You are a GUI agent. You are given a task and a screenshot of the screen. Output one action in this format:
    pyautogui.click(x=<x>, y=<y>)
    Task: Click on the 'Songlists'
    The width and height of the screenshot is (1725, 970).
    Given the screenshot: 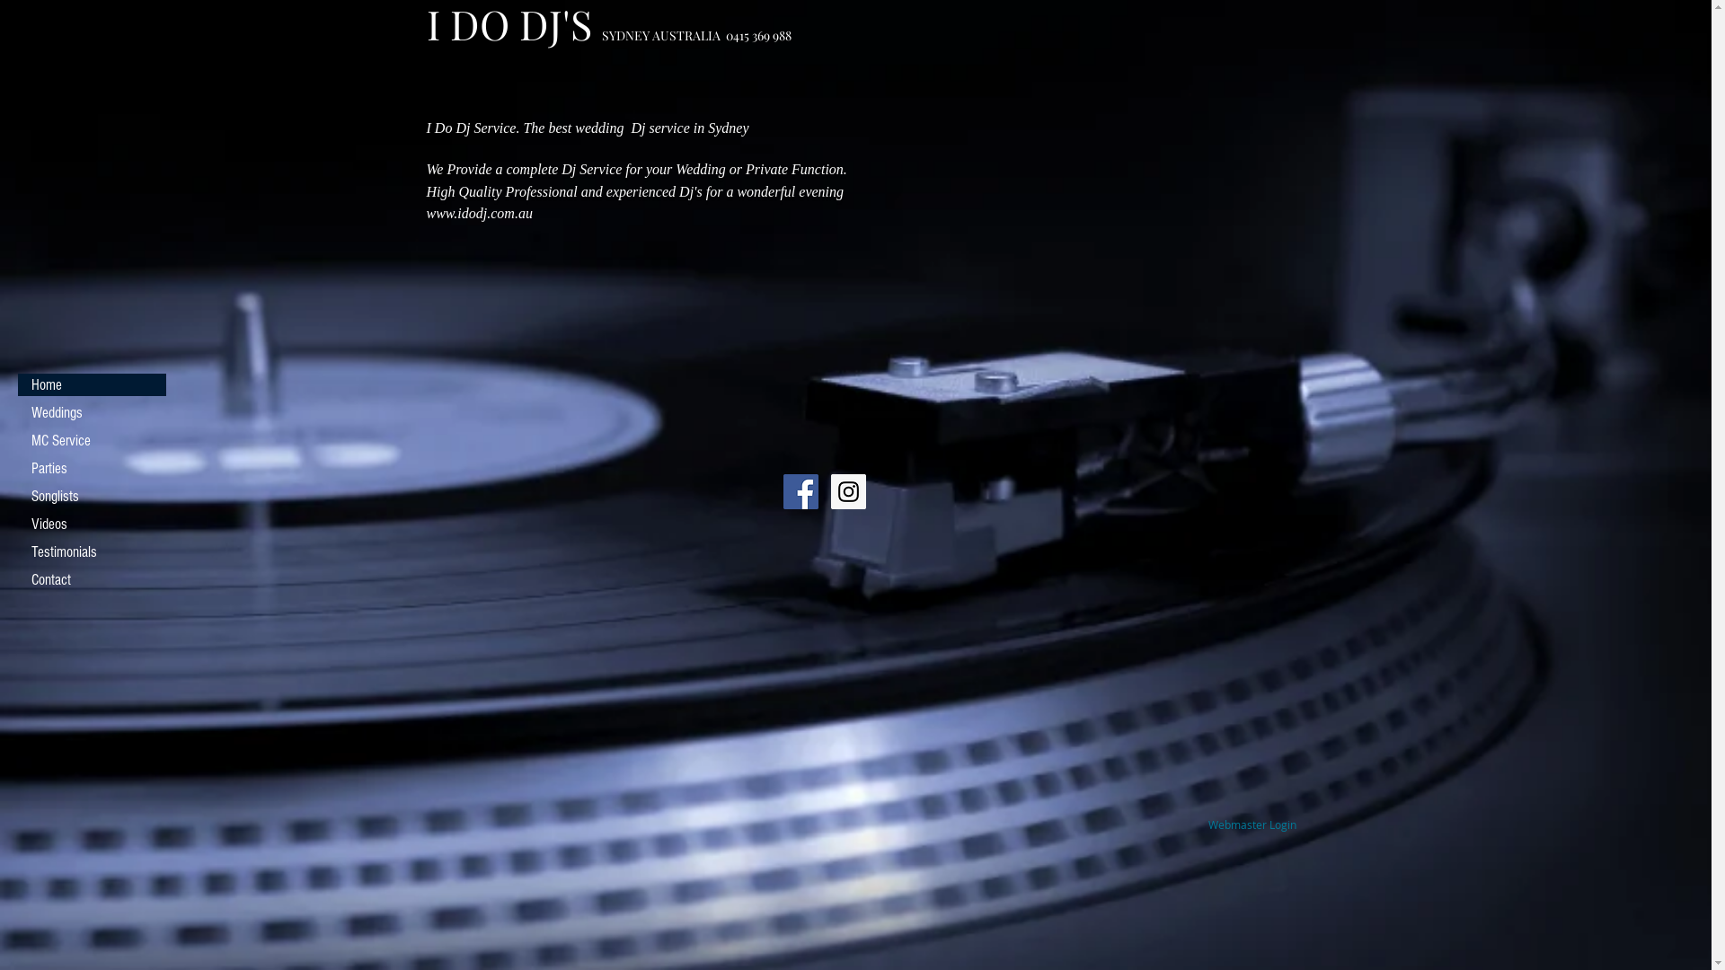 What is the action you would take?
    pyautogui.click(x=91, y=496)
    